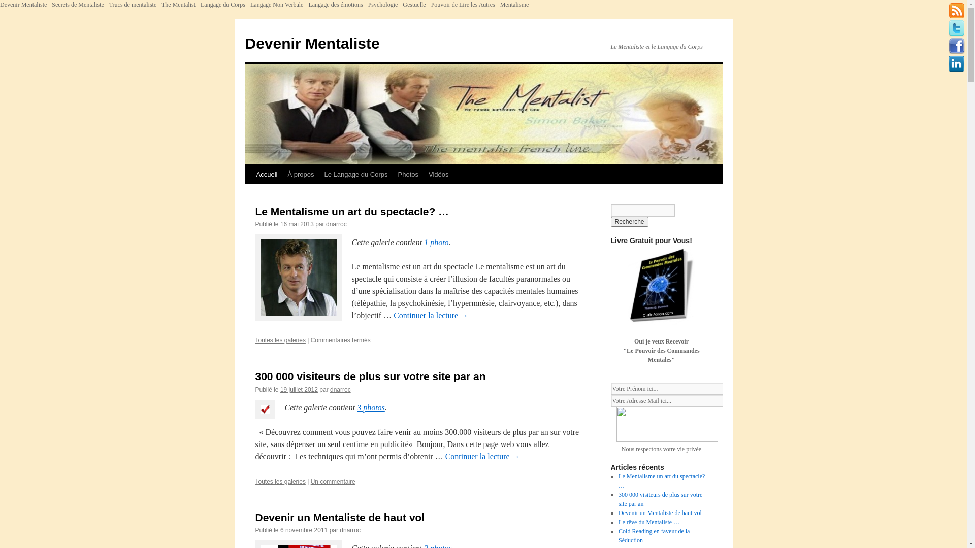 Image resolution: width=975 pixels, height=548 pixels. I want to click on 'Un commentaire', so click(333, 481).